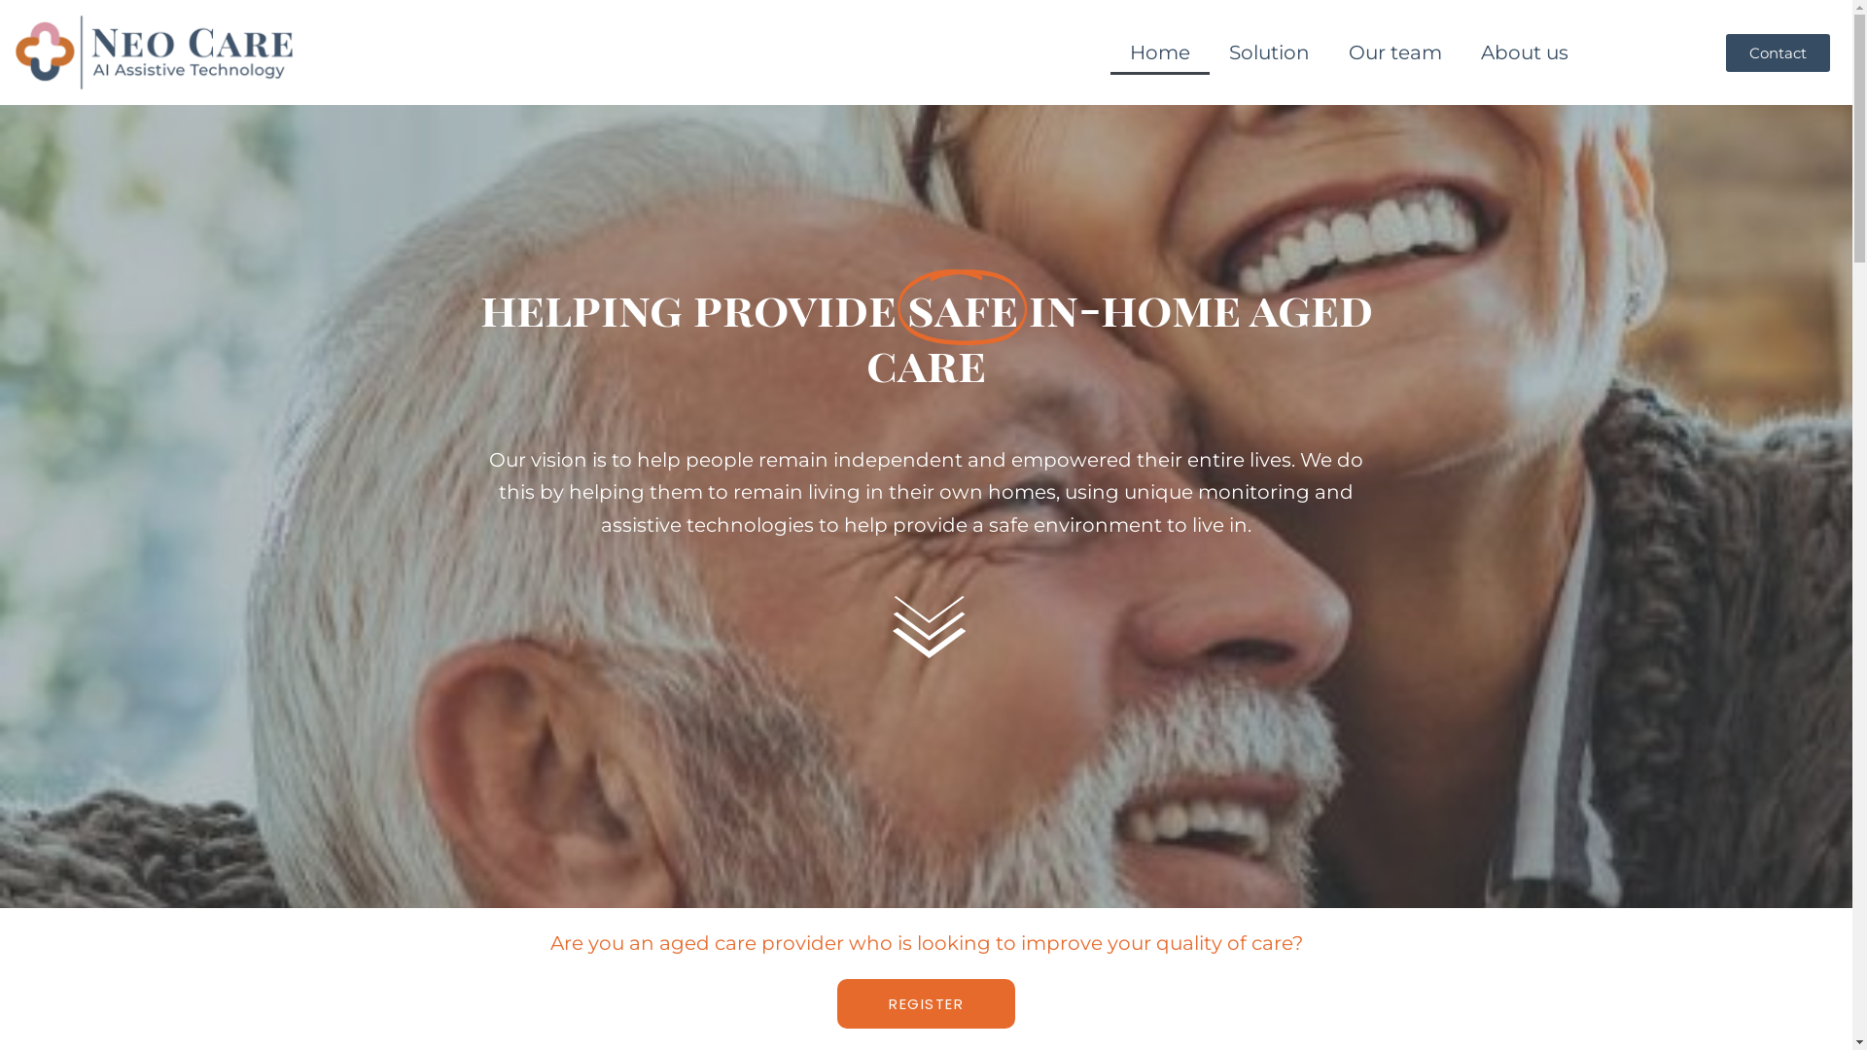  What do you see at coordinates (1269, 52) in the screenshot?
I see `'Solution'` at bounding box center [1269, 52].